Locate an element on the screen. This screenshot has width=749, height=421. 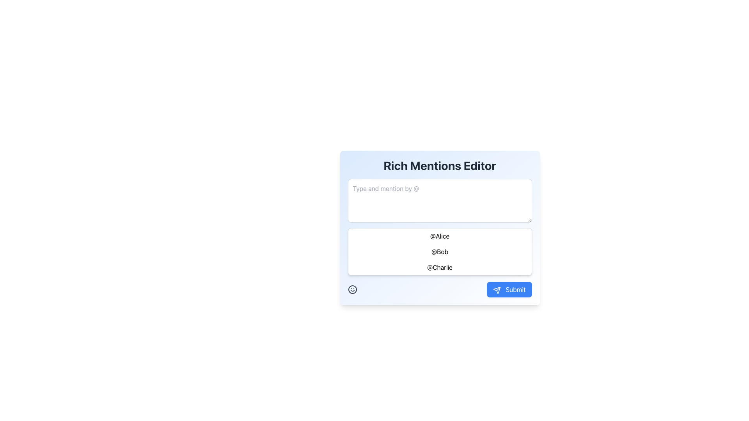
the circular graphic shape with a black outline located in the bottom-left corner of the smiling face icon within the SVG element is located at coordinates (352, 290).